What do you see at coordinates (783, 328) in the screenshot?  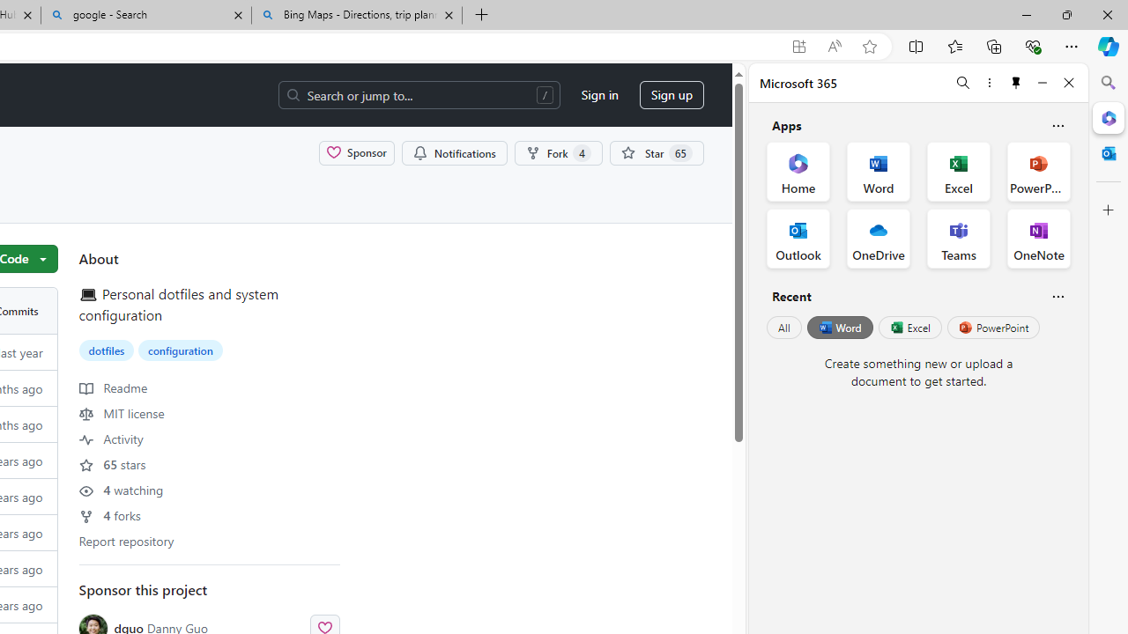 I see `'All'` at bounding box center [783, 328].